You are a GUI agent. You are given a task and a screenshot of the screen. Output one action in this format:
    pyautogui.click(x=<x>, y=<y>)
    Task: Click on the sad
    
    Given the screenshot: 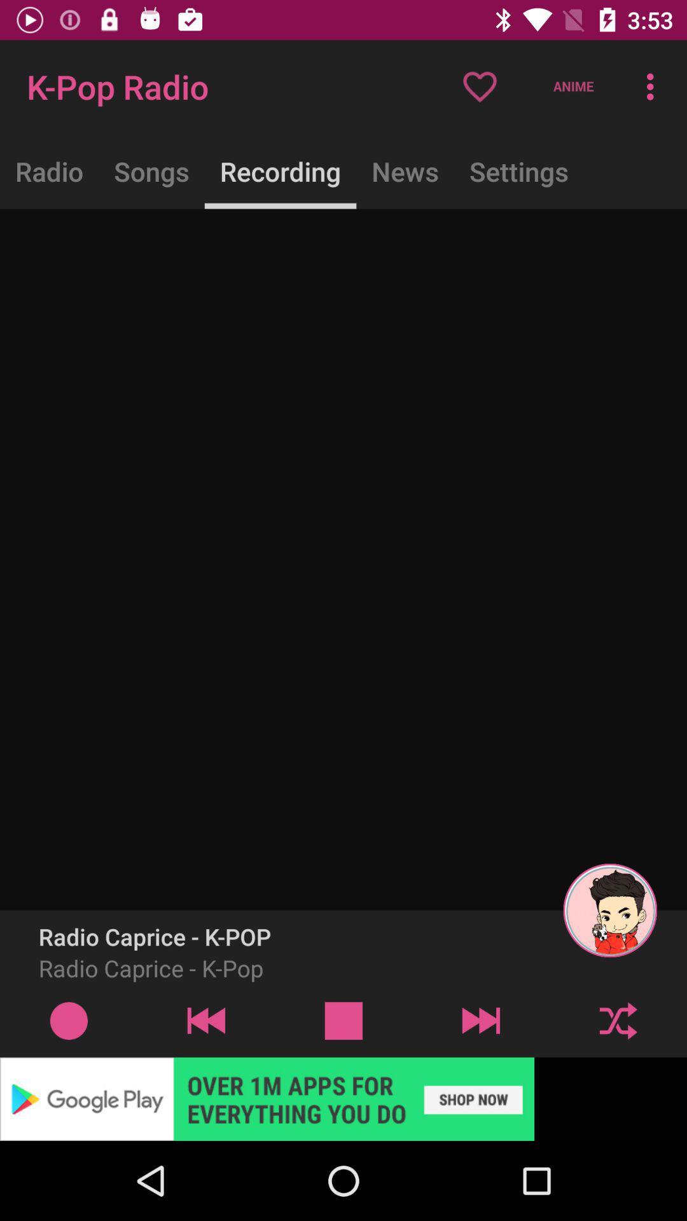 What is the action you would take?
    pyautogui.click(x=343, y=1020)
    